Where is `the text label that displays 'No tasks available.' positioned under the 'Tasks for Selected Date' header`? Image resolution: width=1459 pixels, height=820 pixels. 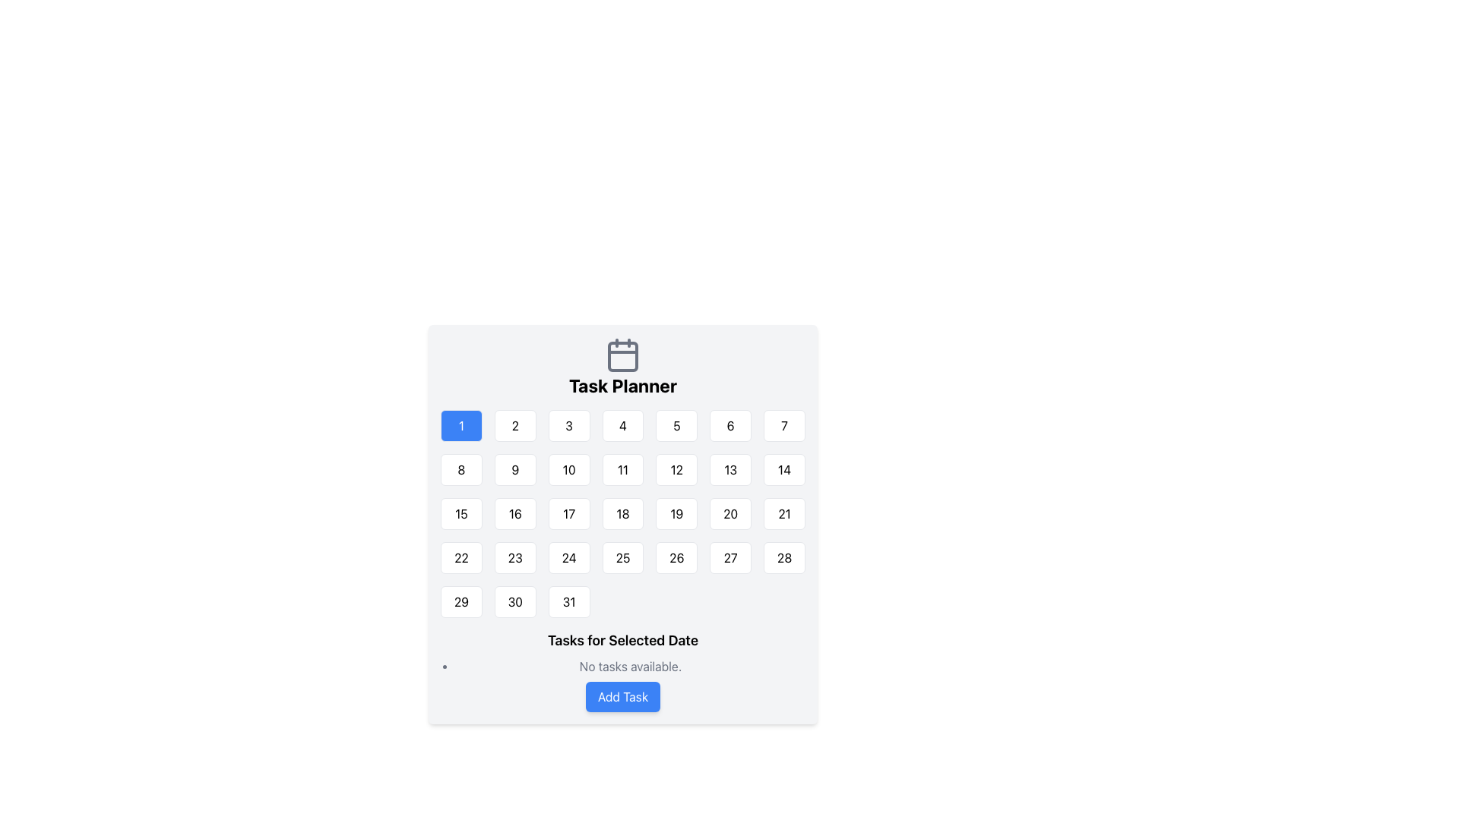 the text label that displays 'No tasks available.' positioned under the 'Tasks for Selected Date' header is located at coordinates (631, 666).